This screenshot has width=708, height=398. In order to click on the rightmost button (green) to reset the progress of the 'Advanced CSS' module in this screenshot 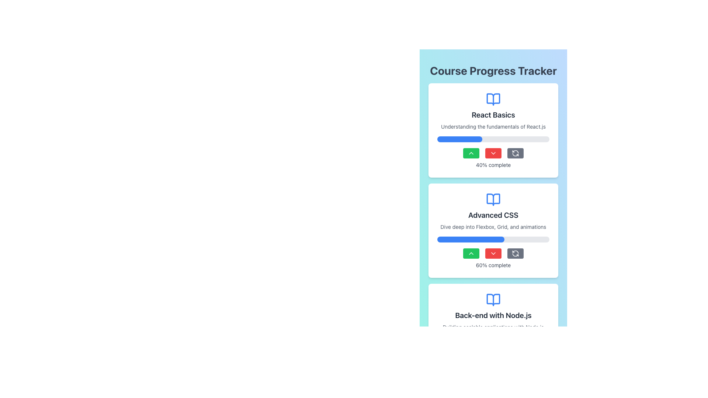, I will do `click(515, 253)`.